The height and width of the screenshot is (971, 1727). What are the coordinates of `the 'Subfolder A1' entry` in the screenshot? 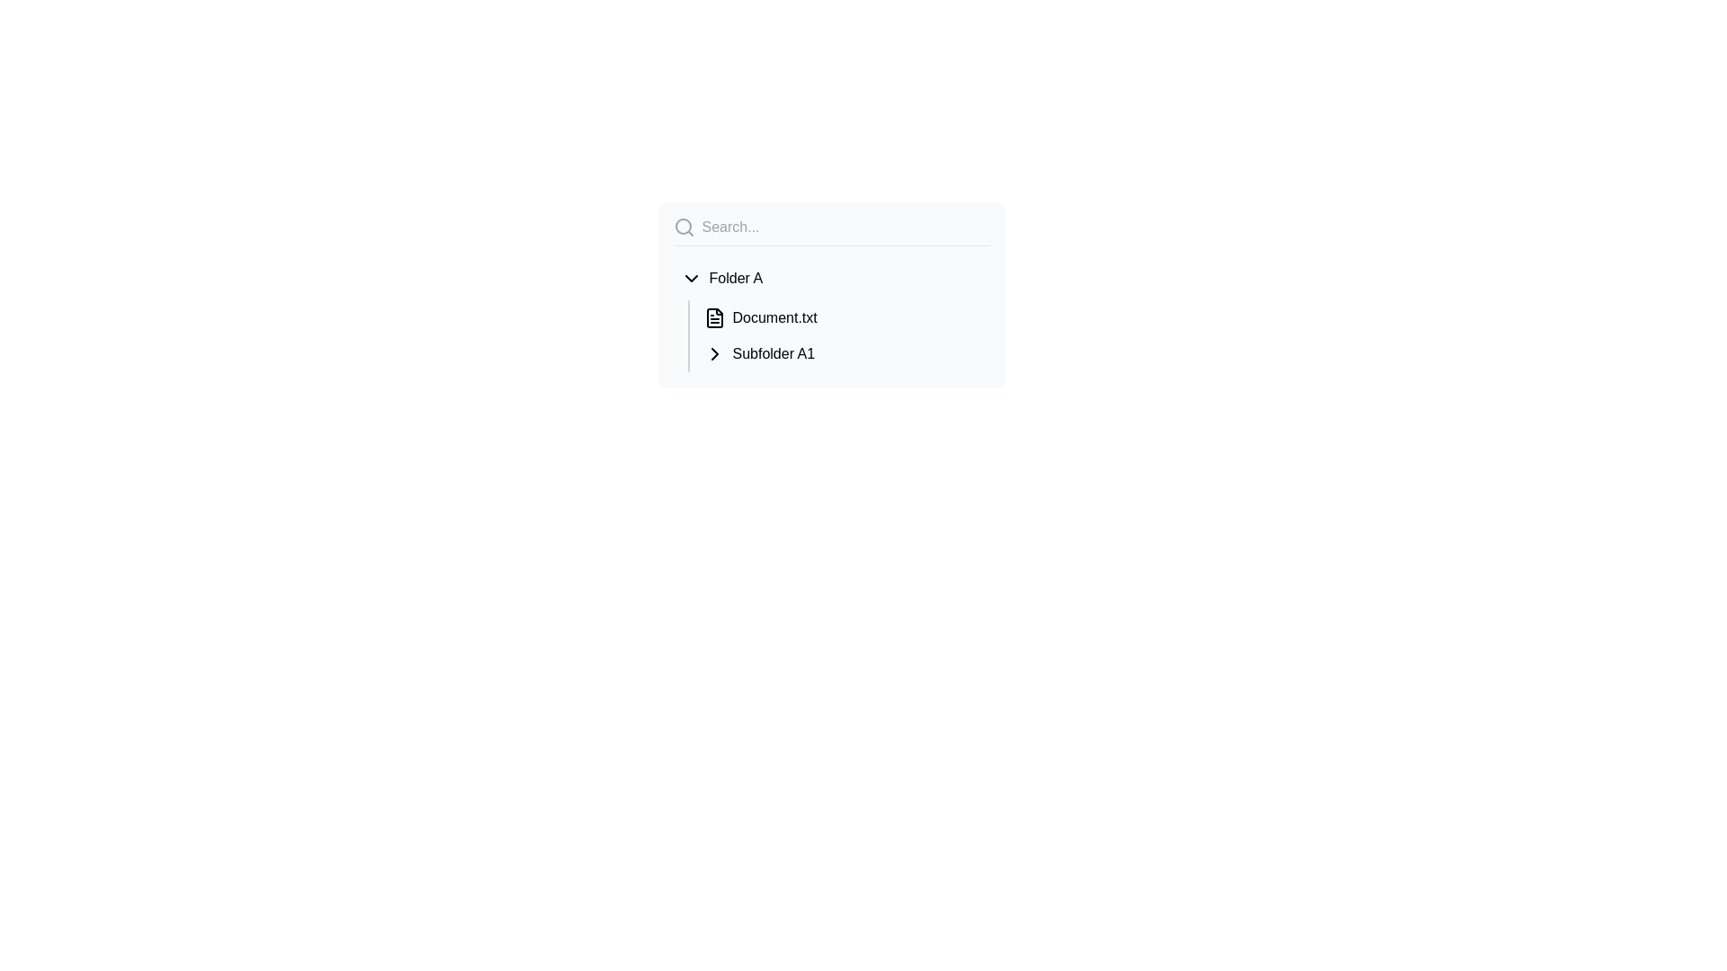 It's located at (842, 353).